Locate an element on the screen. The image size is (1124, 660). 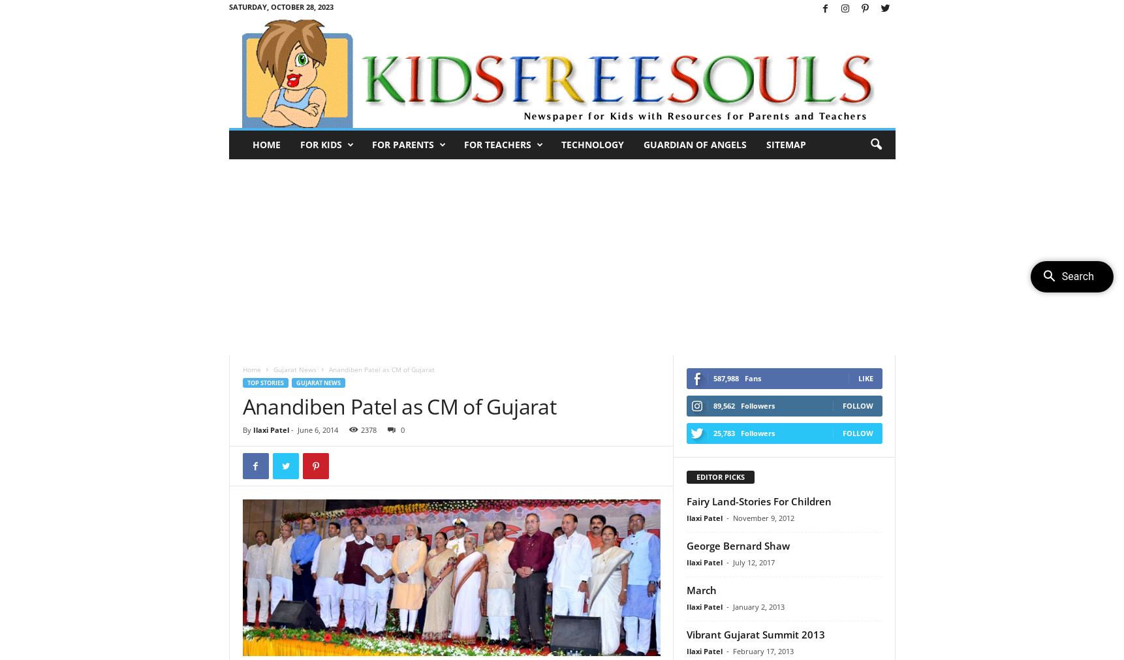
'Vibrant Gujarat Summit 2013' is located at coordinates (685, 633).